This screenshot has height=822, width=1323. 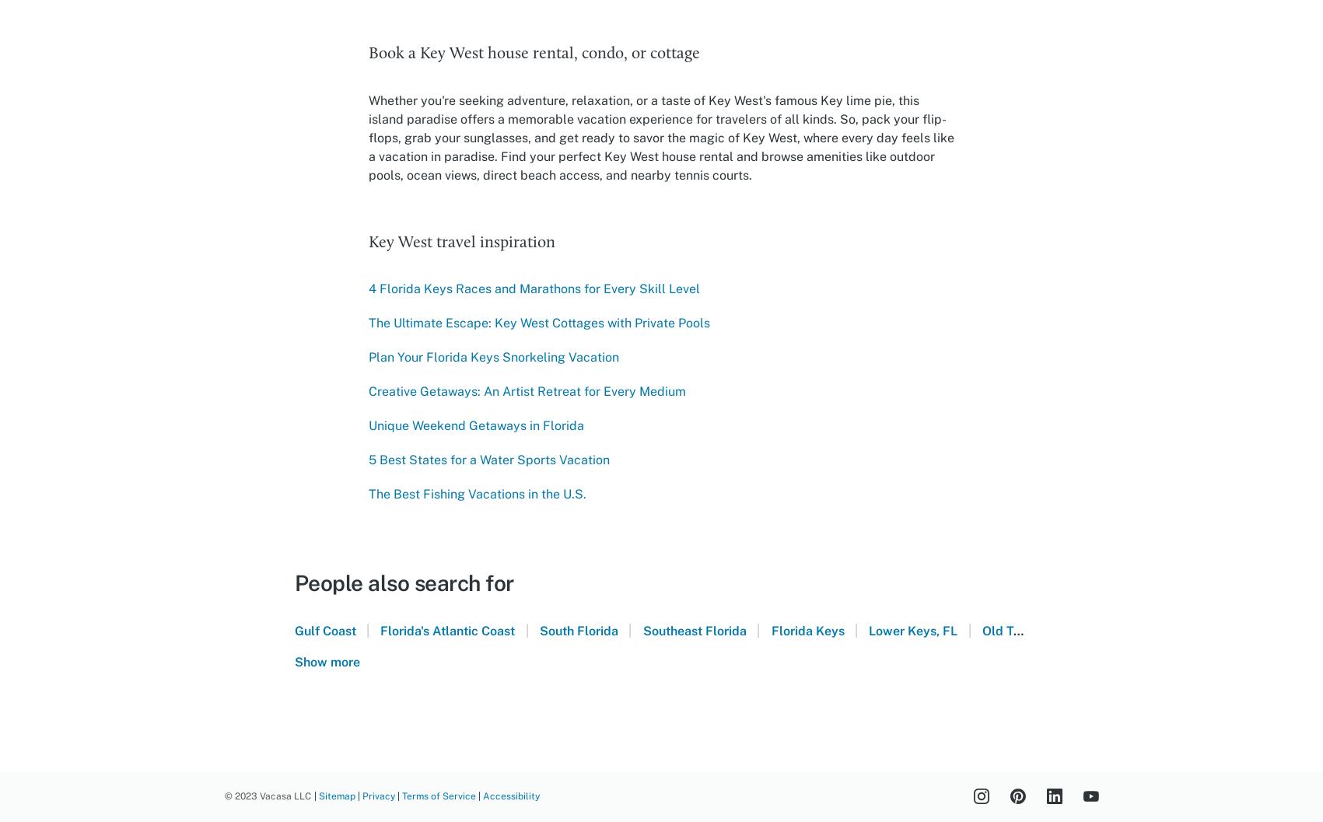 What do you see at coordinates (367, 459) in the screenshot?
I see `'5 Best States for a Water Sports Vacation'` at bounding box center [367, 459].